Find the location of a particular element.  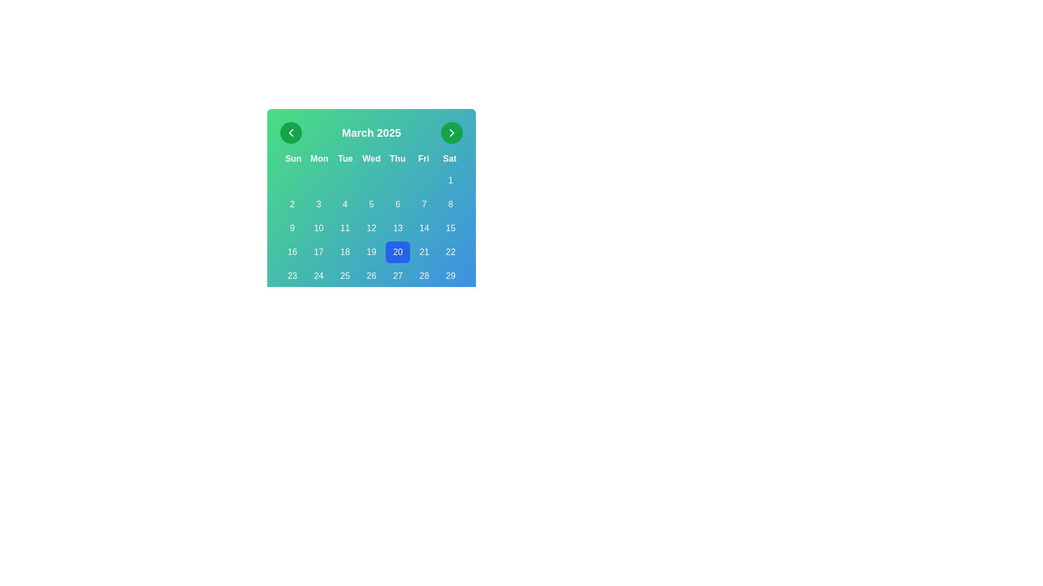

the button representing the fourth day of the month in the calendar interface to change its background color is located at coordinates (344, 205).